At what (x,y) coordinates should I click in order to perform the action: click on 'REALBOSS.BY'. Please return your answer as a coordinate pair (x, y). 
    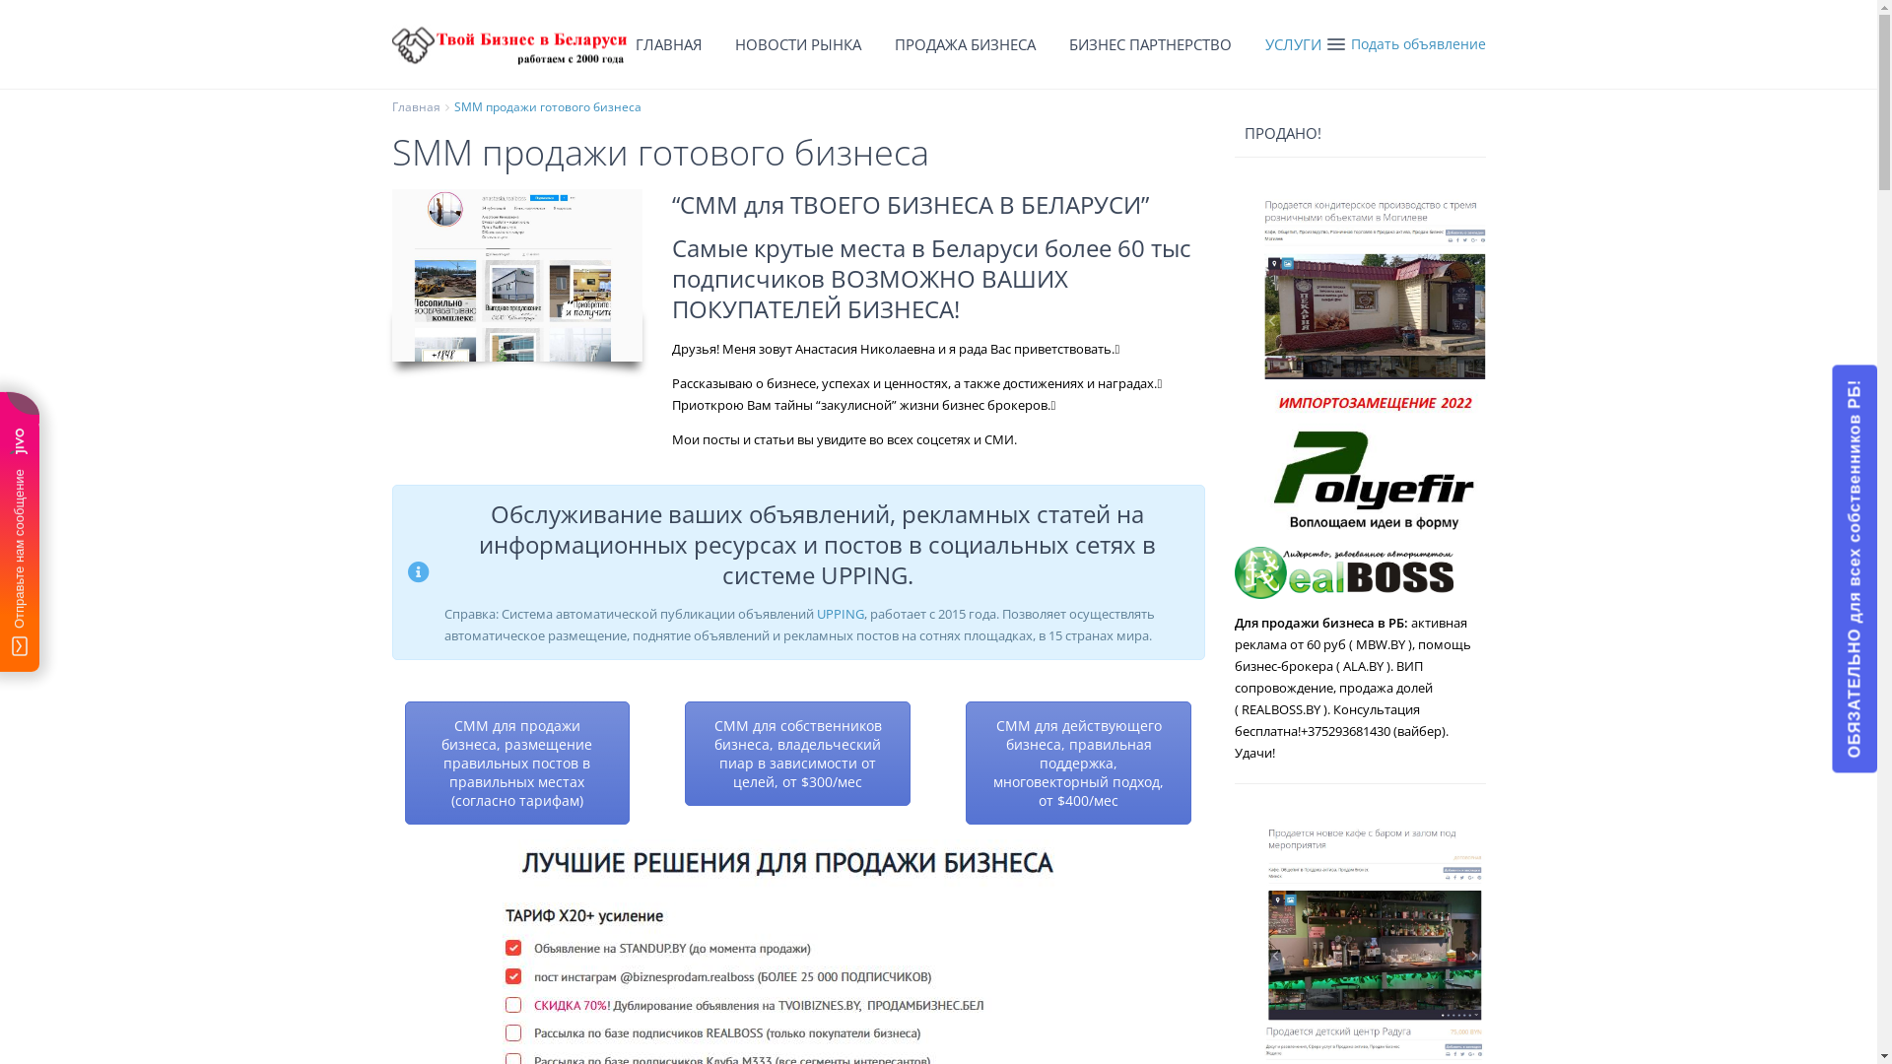
    Looking at the image, I should click on (1281, 709).